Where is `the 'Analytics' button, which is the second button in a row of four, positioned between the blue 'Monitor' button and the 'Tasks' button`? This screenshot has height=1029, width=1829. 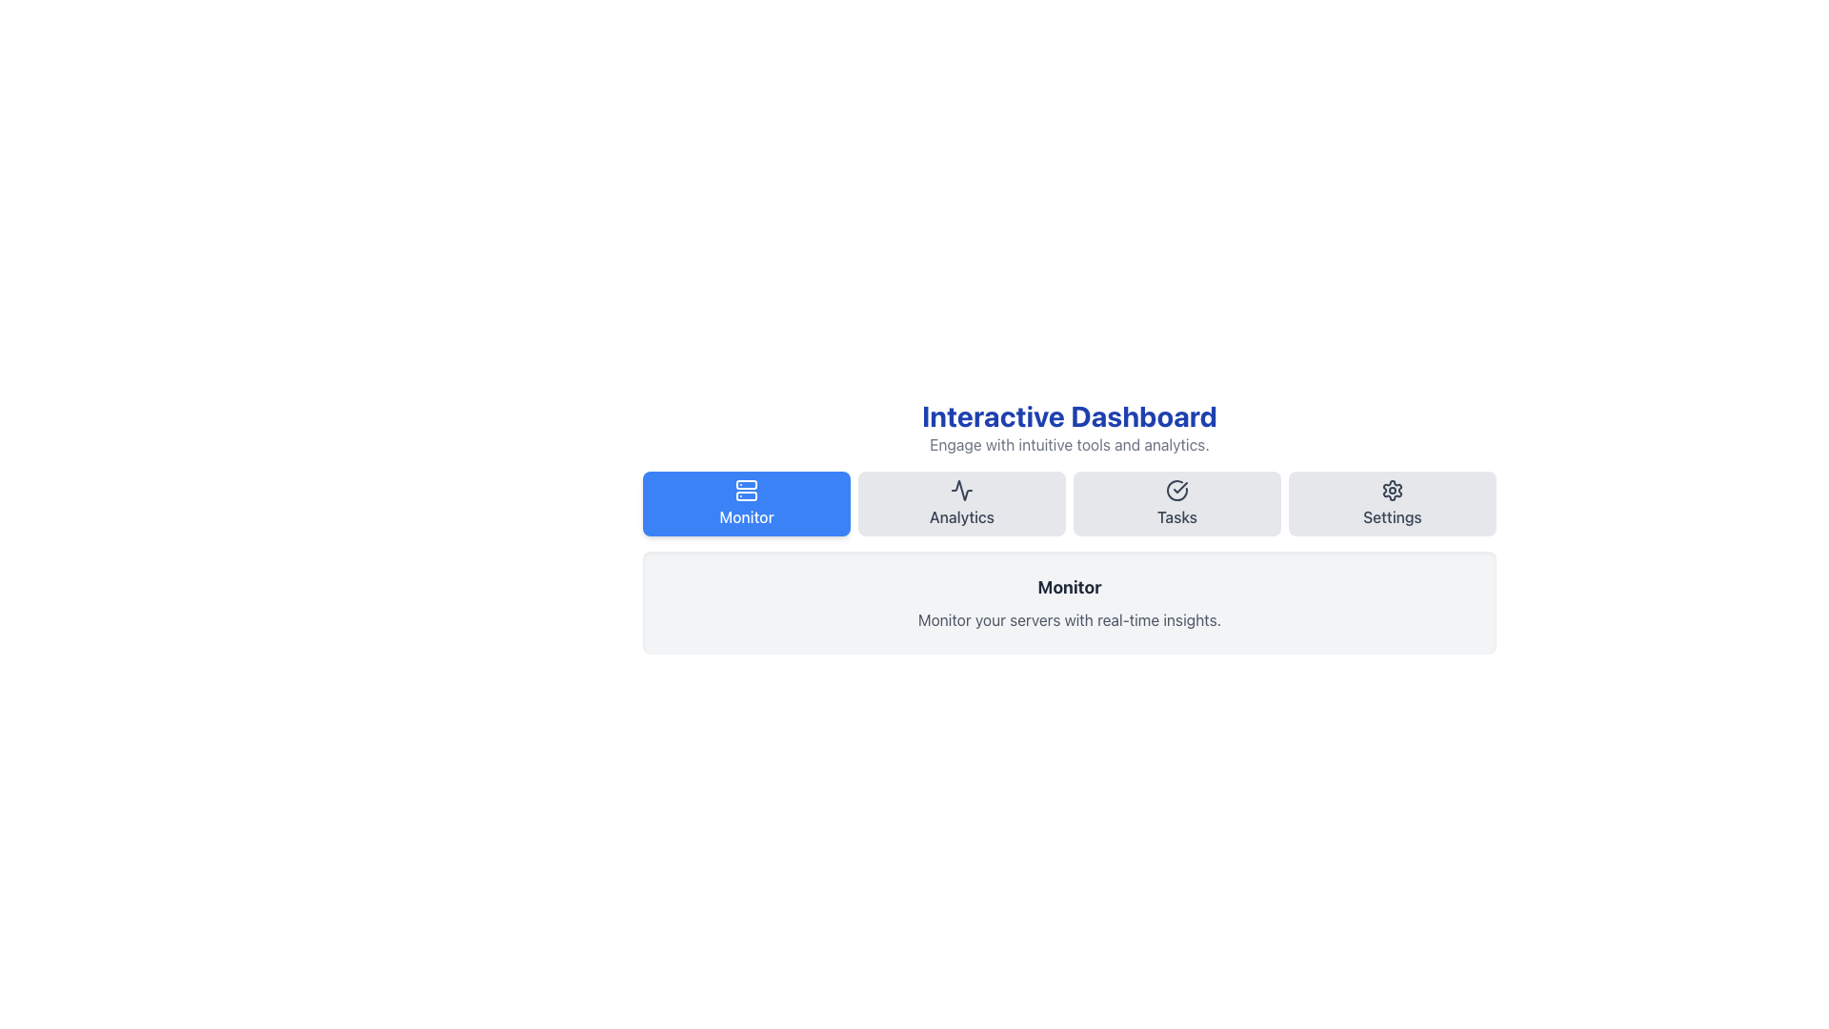 the 'Analytics' button, which is the second button in a row of four, positioned between the blue 'Monitor' button and the 'Tasks' button is located at coordinates (961, 502).